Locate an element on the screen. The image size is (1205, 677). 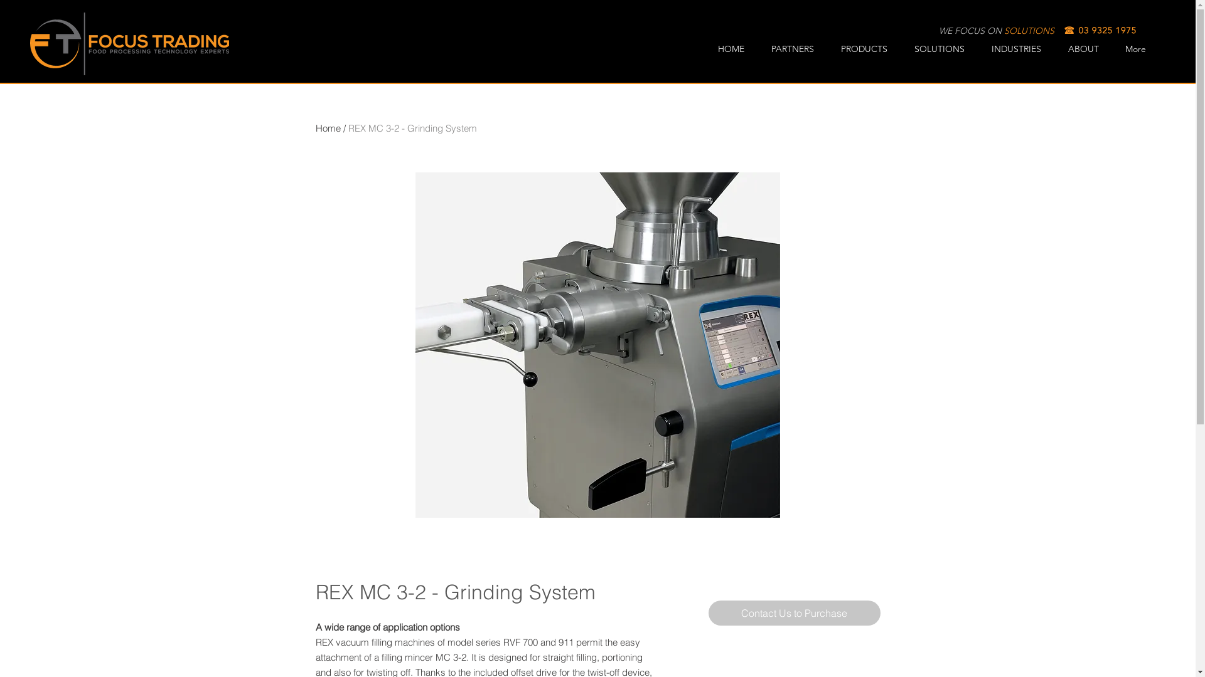
'REX MC 3-2 - Grinding System' is located at coordinates (412, 128).